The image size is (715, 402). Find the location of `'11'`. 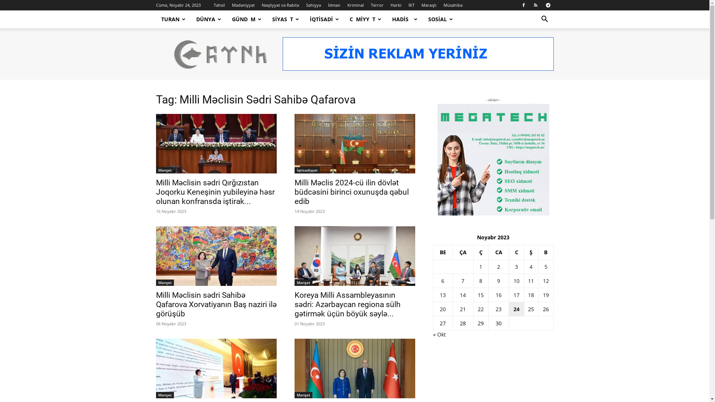

'11' is located at coordinates (530, 281).